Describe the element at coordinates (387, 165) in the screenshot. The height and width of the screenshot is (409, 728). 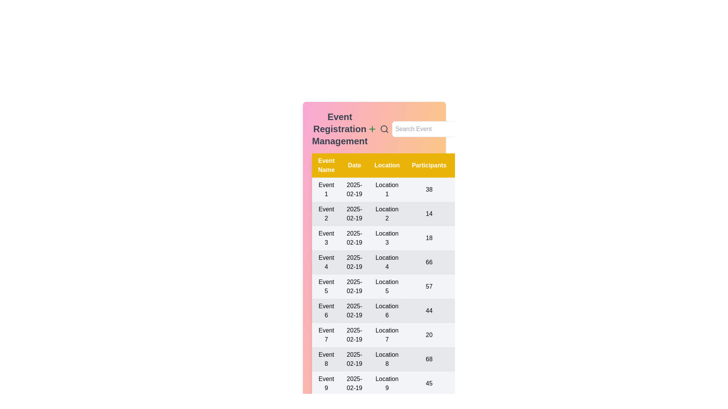
I see `the header of the column 'Location' to sort the table by that column` at that location.